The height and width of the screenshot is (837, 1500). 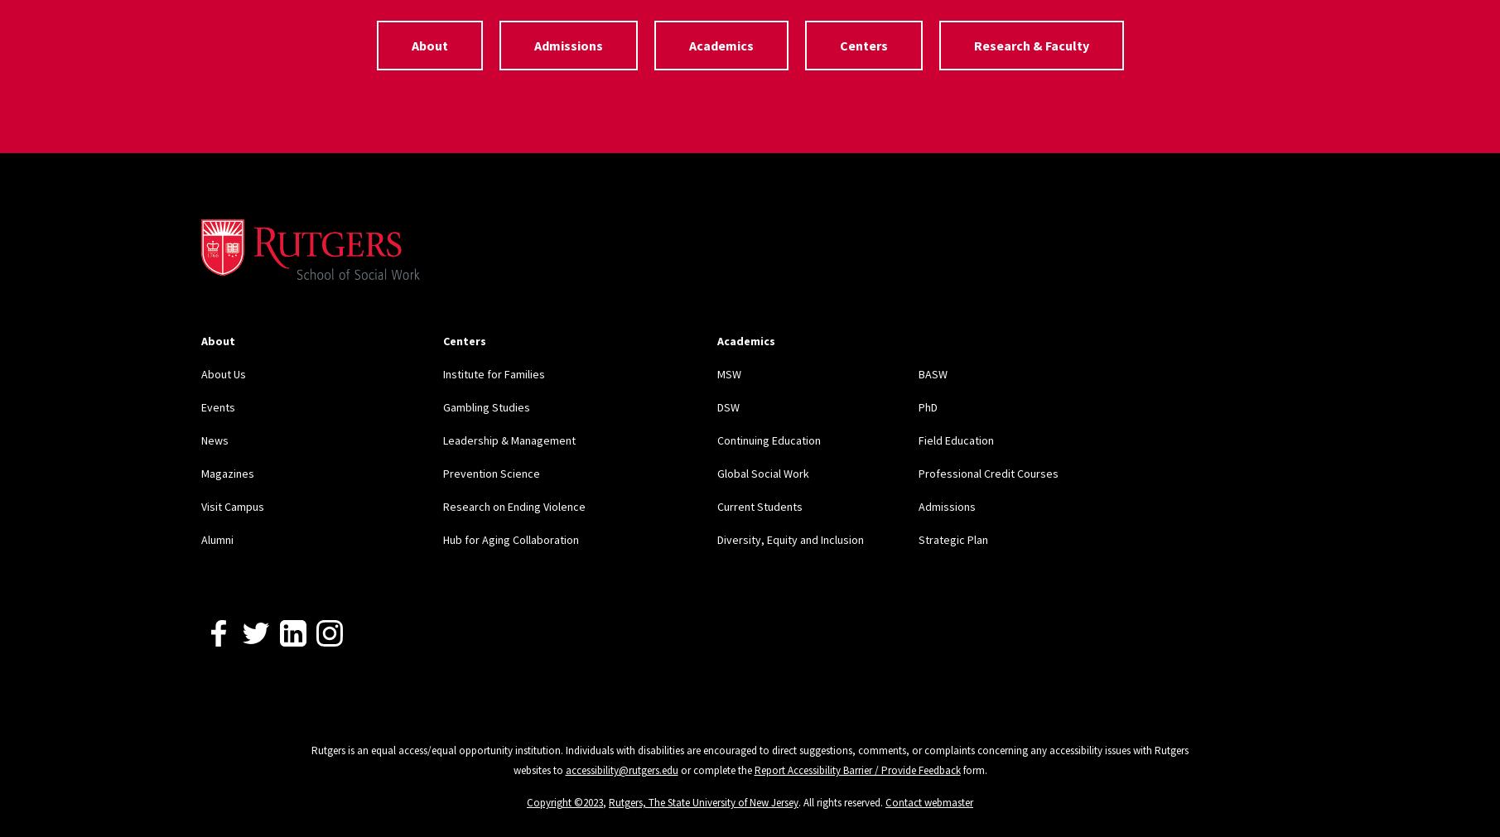 What do you see at coordinates (527, 802) in the screenshot?
I see `'Copyright ©2023'` at bounding box center [527, 802].